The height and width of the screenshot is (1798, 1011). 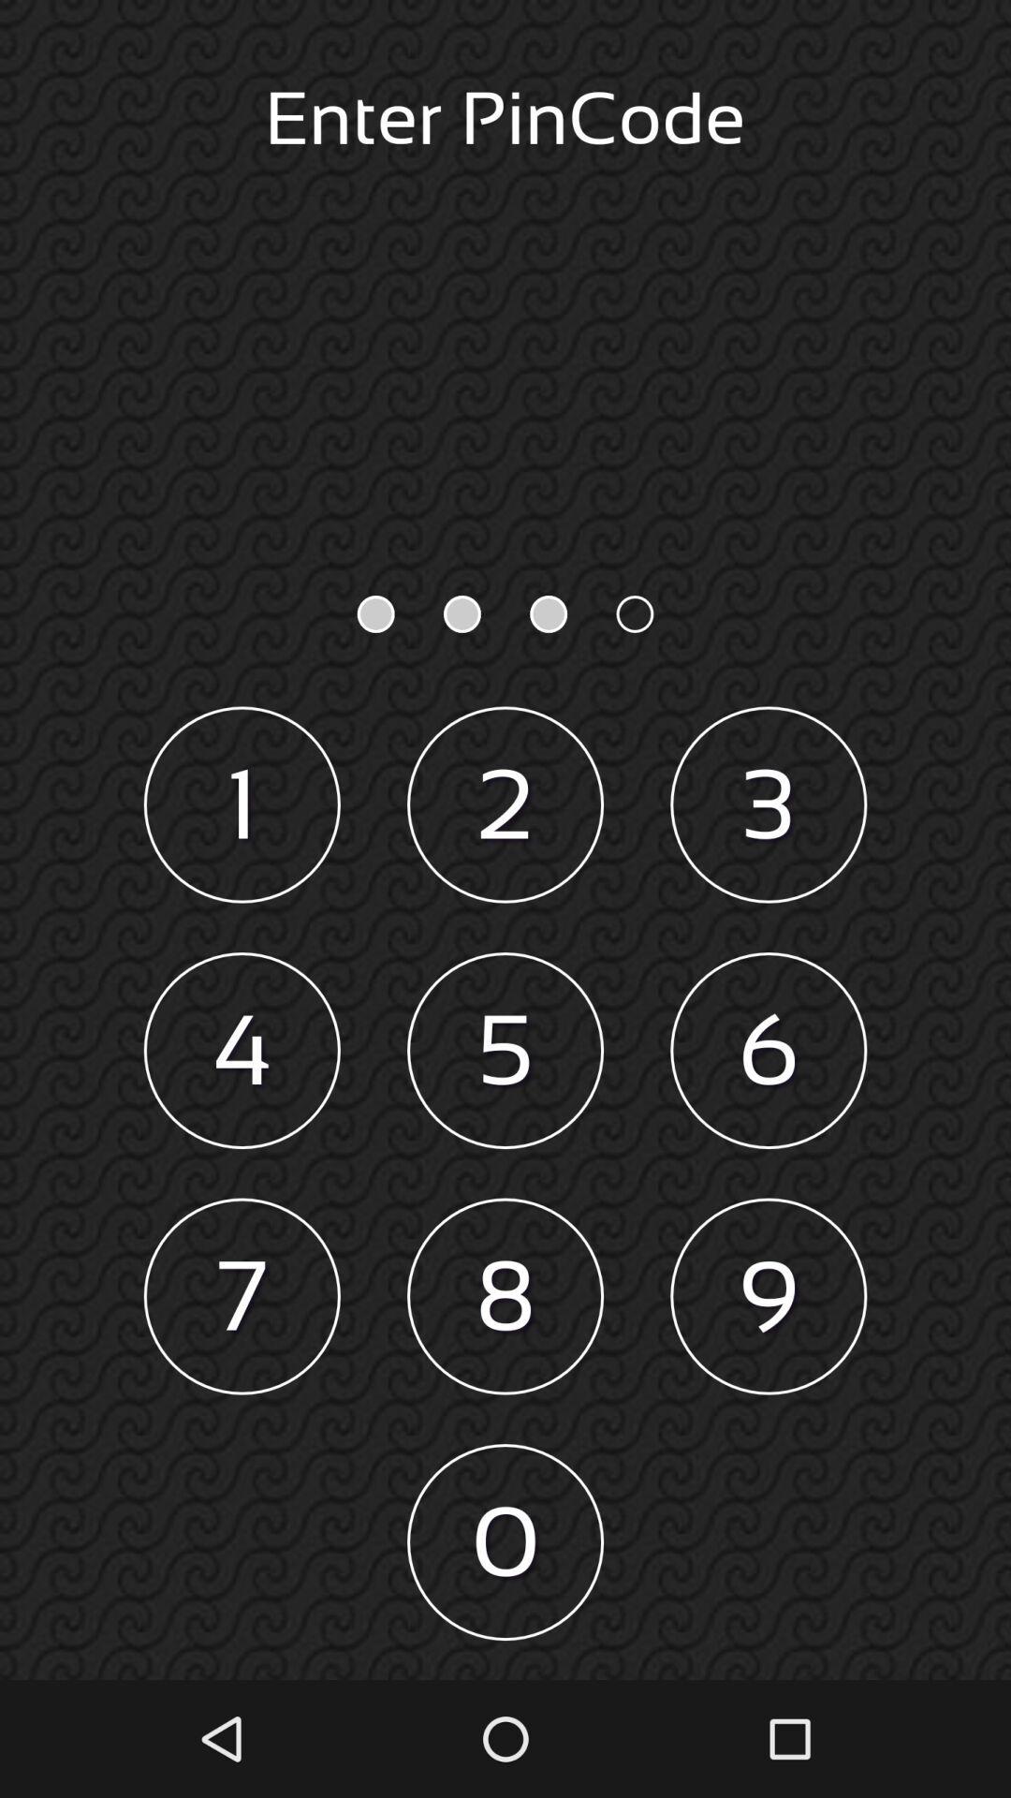 What do you see at coordinates (769, 1295) in the screenshot?
I see `icon next to the 8 item` at bounding box center [769, 1295].